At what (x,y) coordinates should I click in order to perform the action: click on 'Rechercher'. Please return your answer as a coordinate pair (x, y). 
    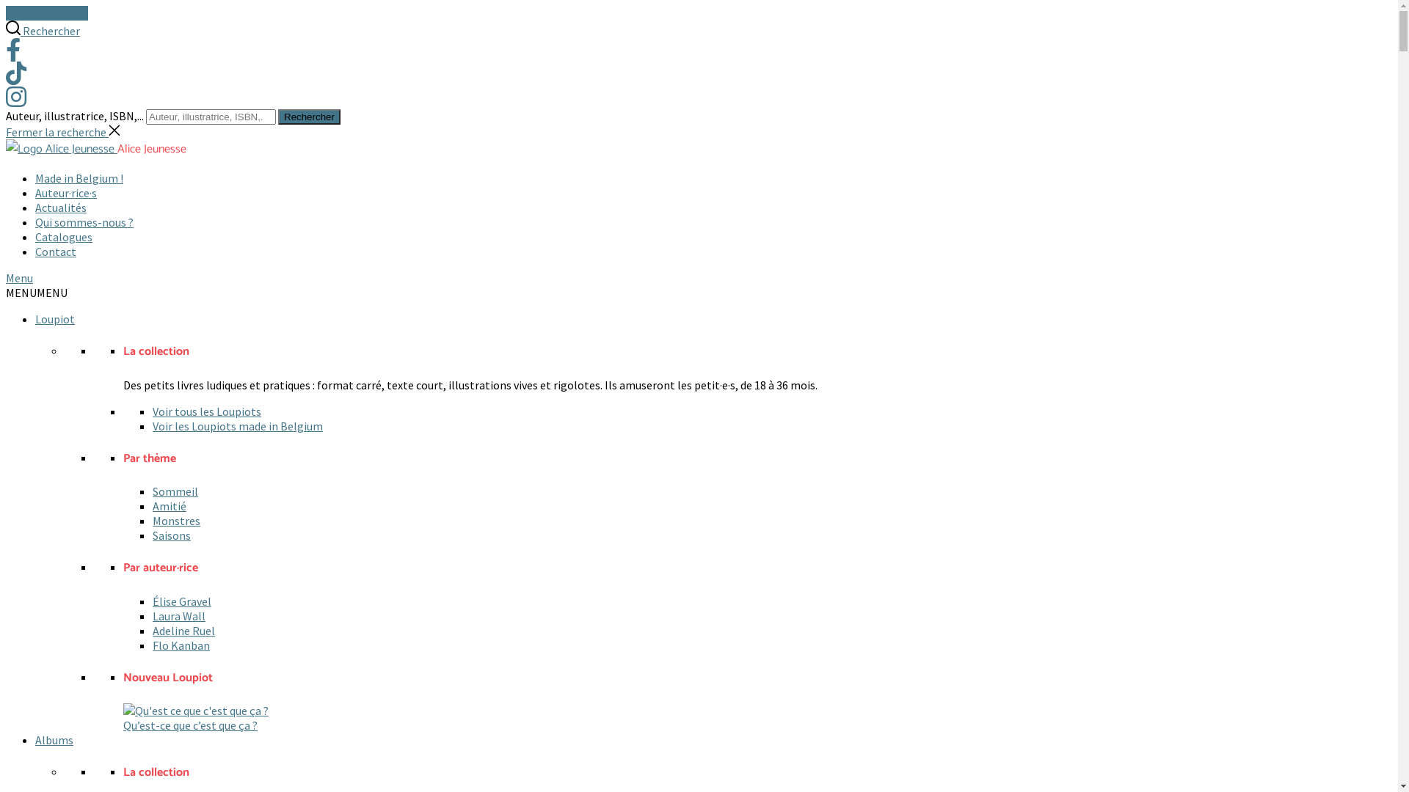
    Looking at the image, I should click on (43, 31).